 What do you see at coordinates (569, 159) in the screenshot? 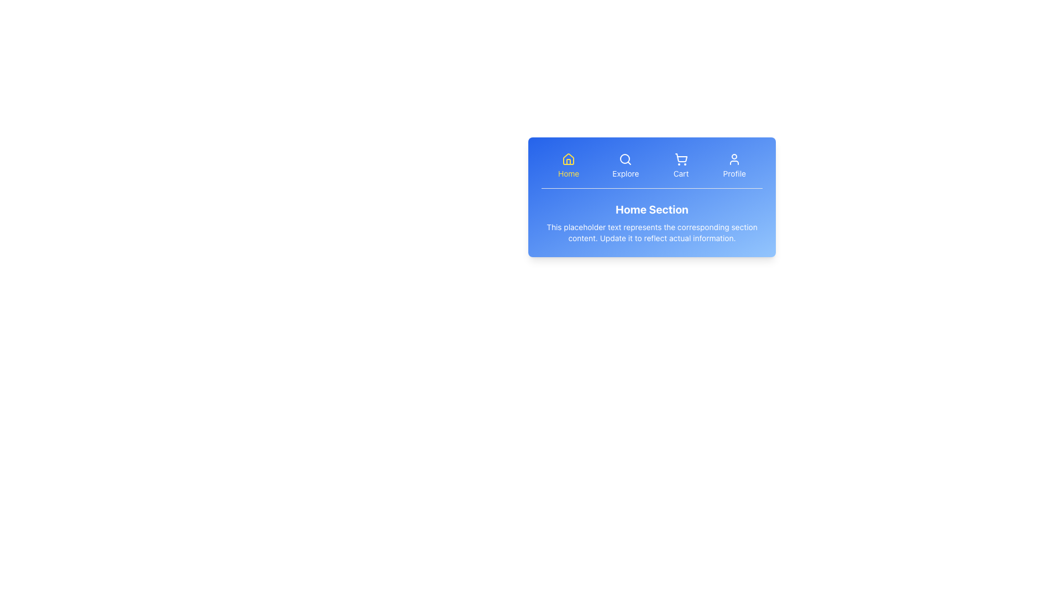
I see `the 'Home' icon in the navigation bar, located at the far-left slot` at bounding box center [569, 159].